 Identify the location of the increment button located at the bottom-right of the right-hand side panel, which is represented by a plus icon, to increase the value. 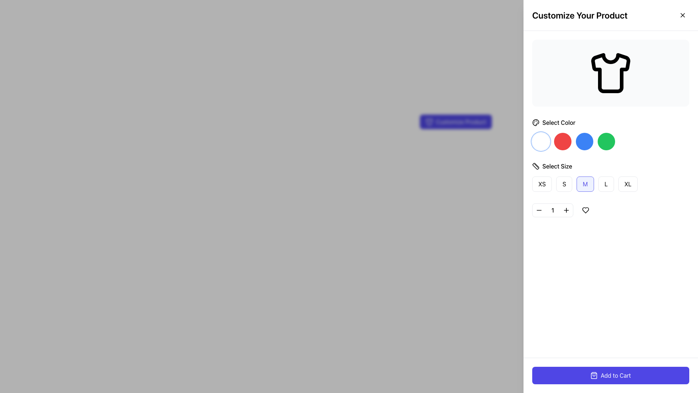
(566, 210).